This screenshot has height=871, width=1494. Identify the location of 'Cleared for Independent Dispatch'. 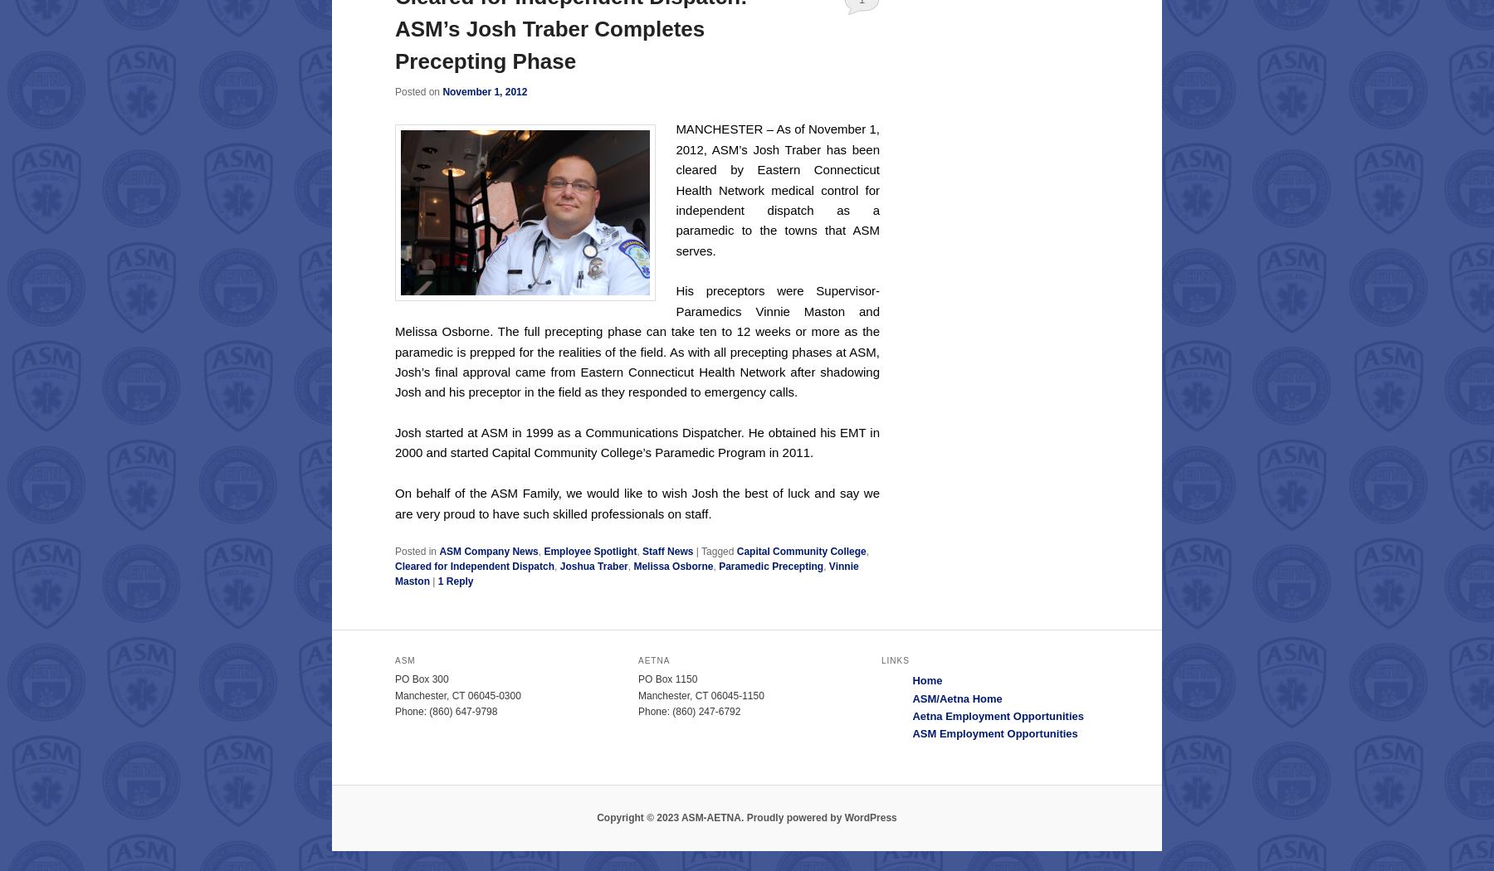
(393, 567).